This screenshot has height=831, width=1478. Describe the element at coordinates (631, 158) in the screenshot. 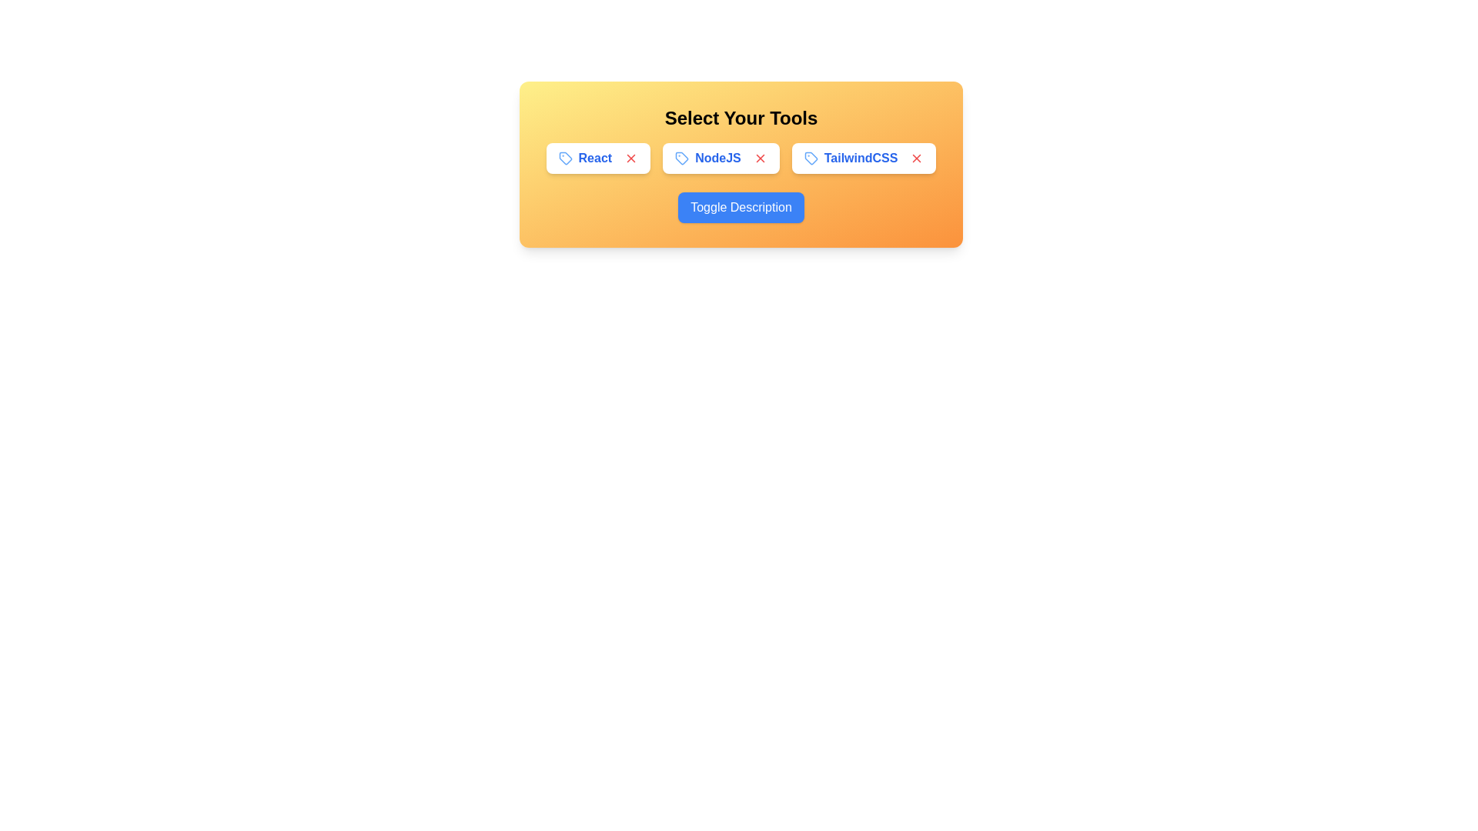

I see `close button of the chip labeled React to remove it` at that location.